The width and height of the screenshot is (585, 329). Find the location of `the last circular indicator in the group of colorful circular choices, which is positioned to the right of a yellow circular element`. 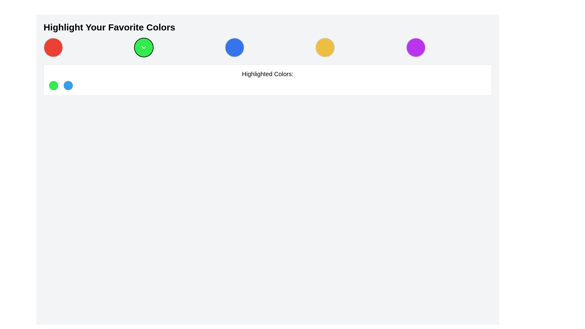

the last circular indicator in the group of colorful circular choices, which is positioned to the right of a yellow circular element is located at coordinates (415, 47).